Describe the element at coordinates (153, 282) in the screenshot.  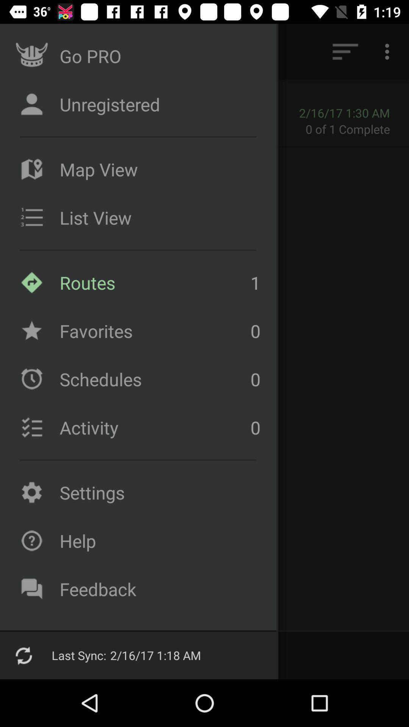
I see `the routes` at that location.